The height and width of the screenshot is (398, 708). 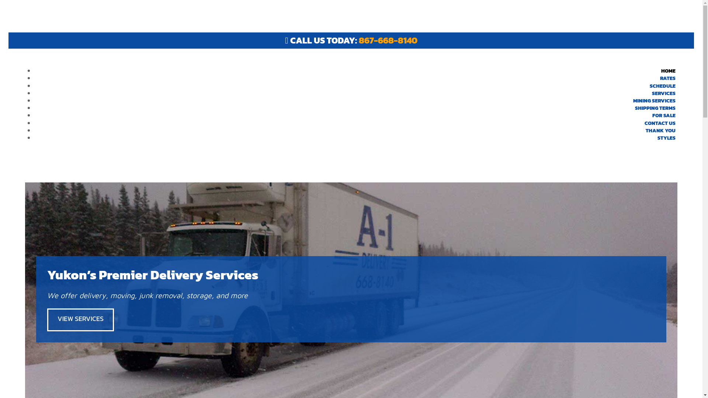 What do you see at coordinates (664, 115) in the screenshot?
I see `'FOR SALE'` at bounding box center [664, 115].